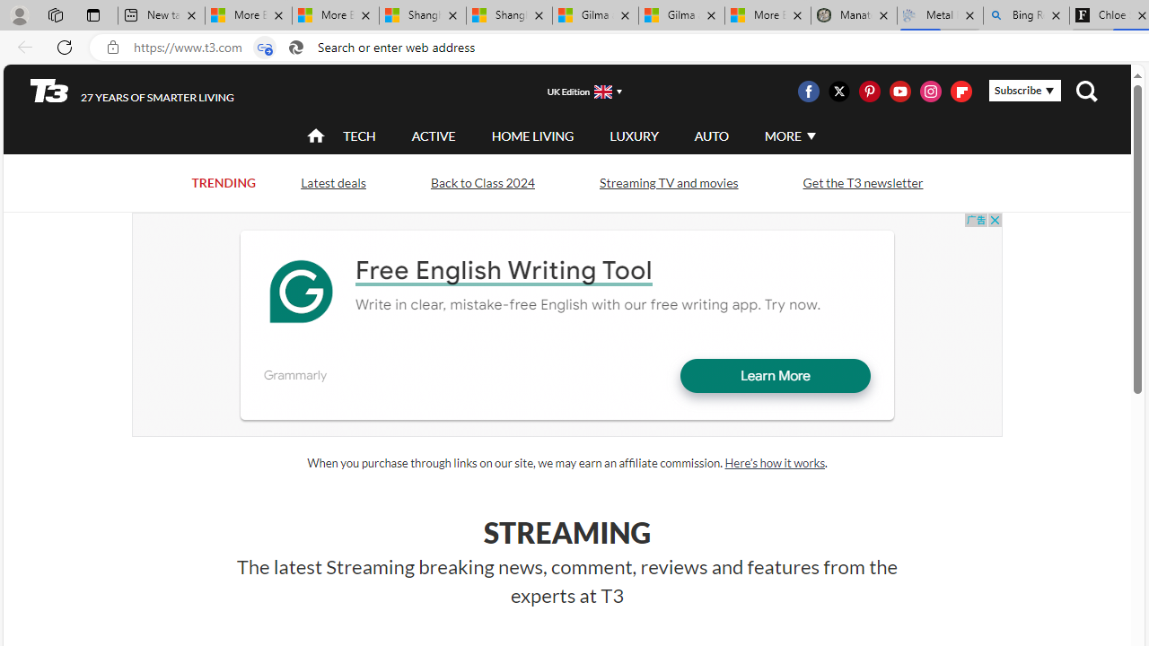 The width and height of the screenshot is (1149, 646). Describe the element at coordinates (667, 182) in the screenshot. I see `'Streaming TV and movies'` at that location.